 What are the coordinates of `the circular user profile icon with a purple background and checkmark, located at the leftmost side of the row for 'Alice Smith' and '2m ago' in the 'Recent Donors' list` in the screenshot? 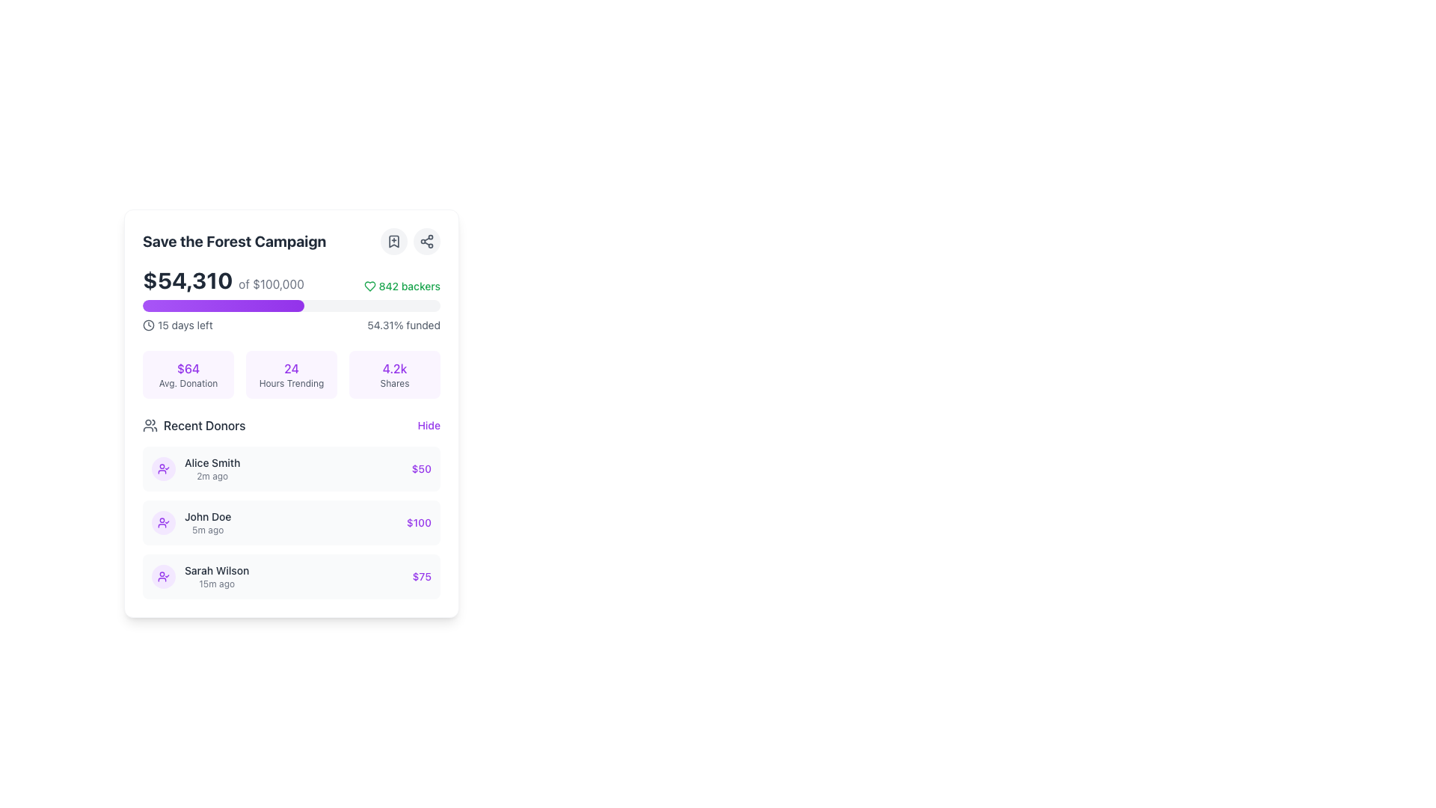 It's located at (164, 468).